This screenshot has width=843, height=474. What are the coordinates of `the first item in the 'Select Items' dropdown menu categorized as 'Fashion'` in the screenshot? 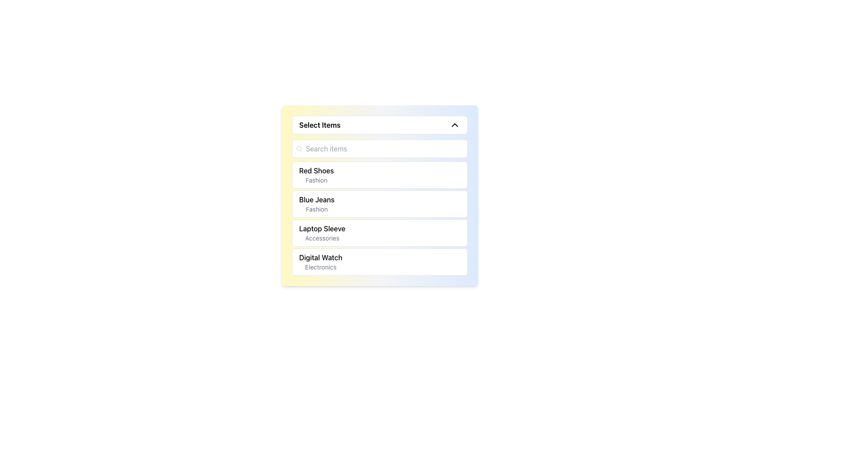 It's located at (316, 175).